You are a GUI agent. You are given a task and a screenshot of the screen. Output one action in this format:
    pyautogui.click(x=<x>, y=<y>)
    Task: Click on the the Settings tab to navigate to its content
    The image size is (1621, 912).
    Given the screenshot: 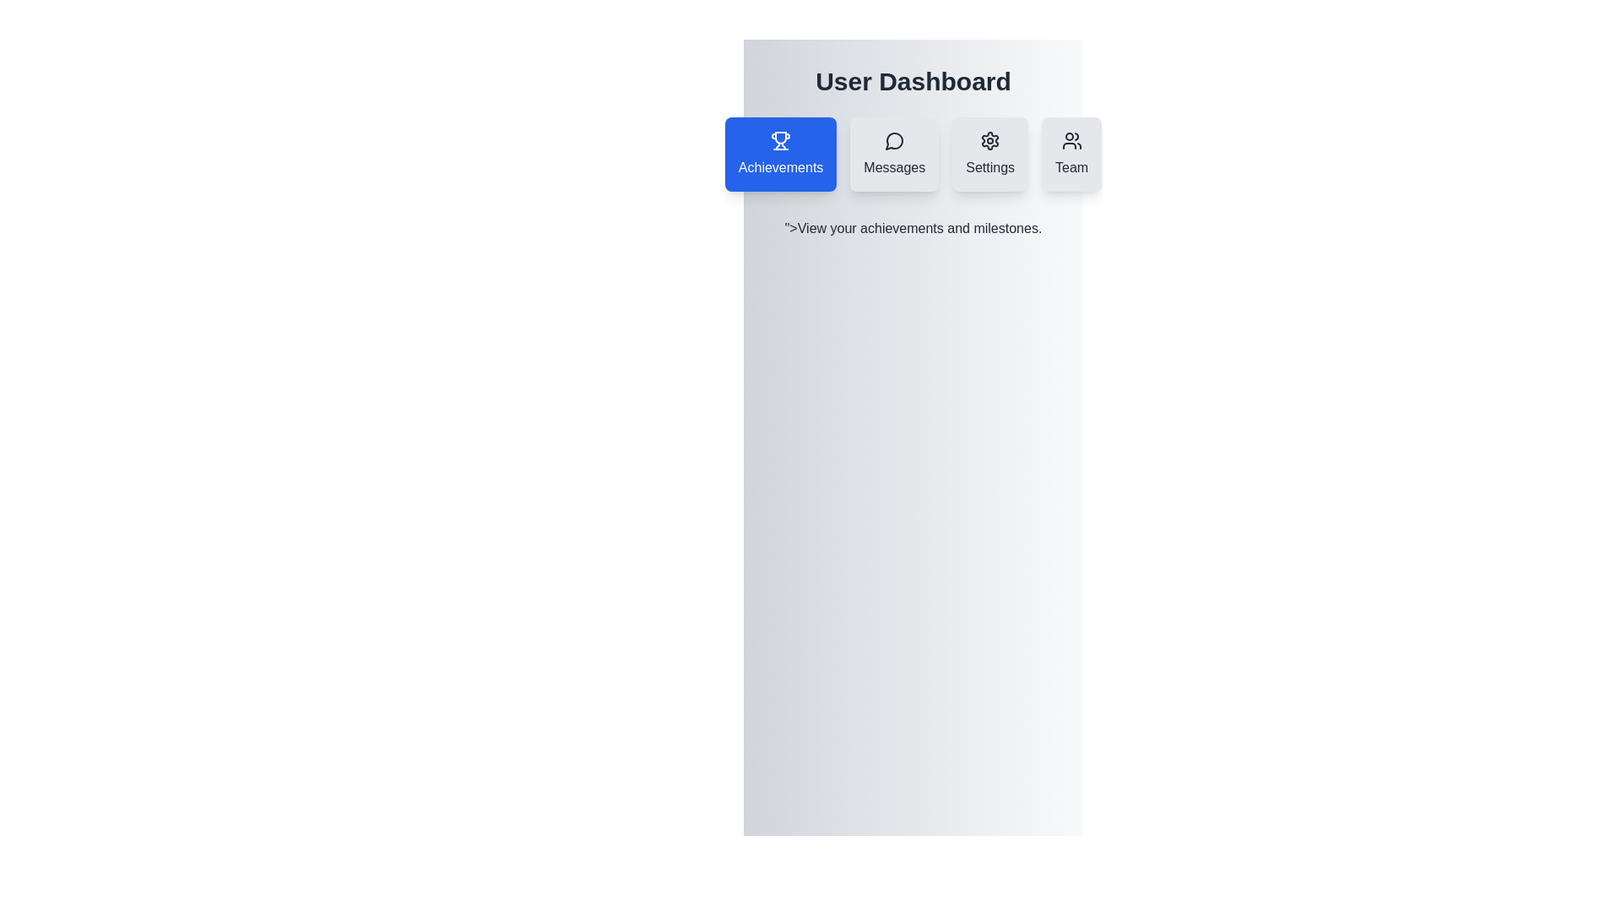 What is the action you would take?
    pyautogui.click(x=989, y=154)
    